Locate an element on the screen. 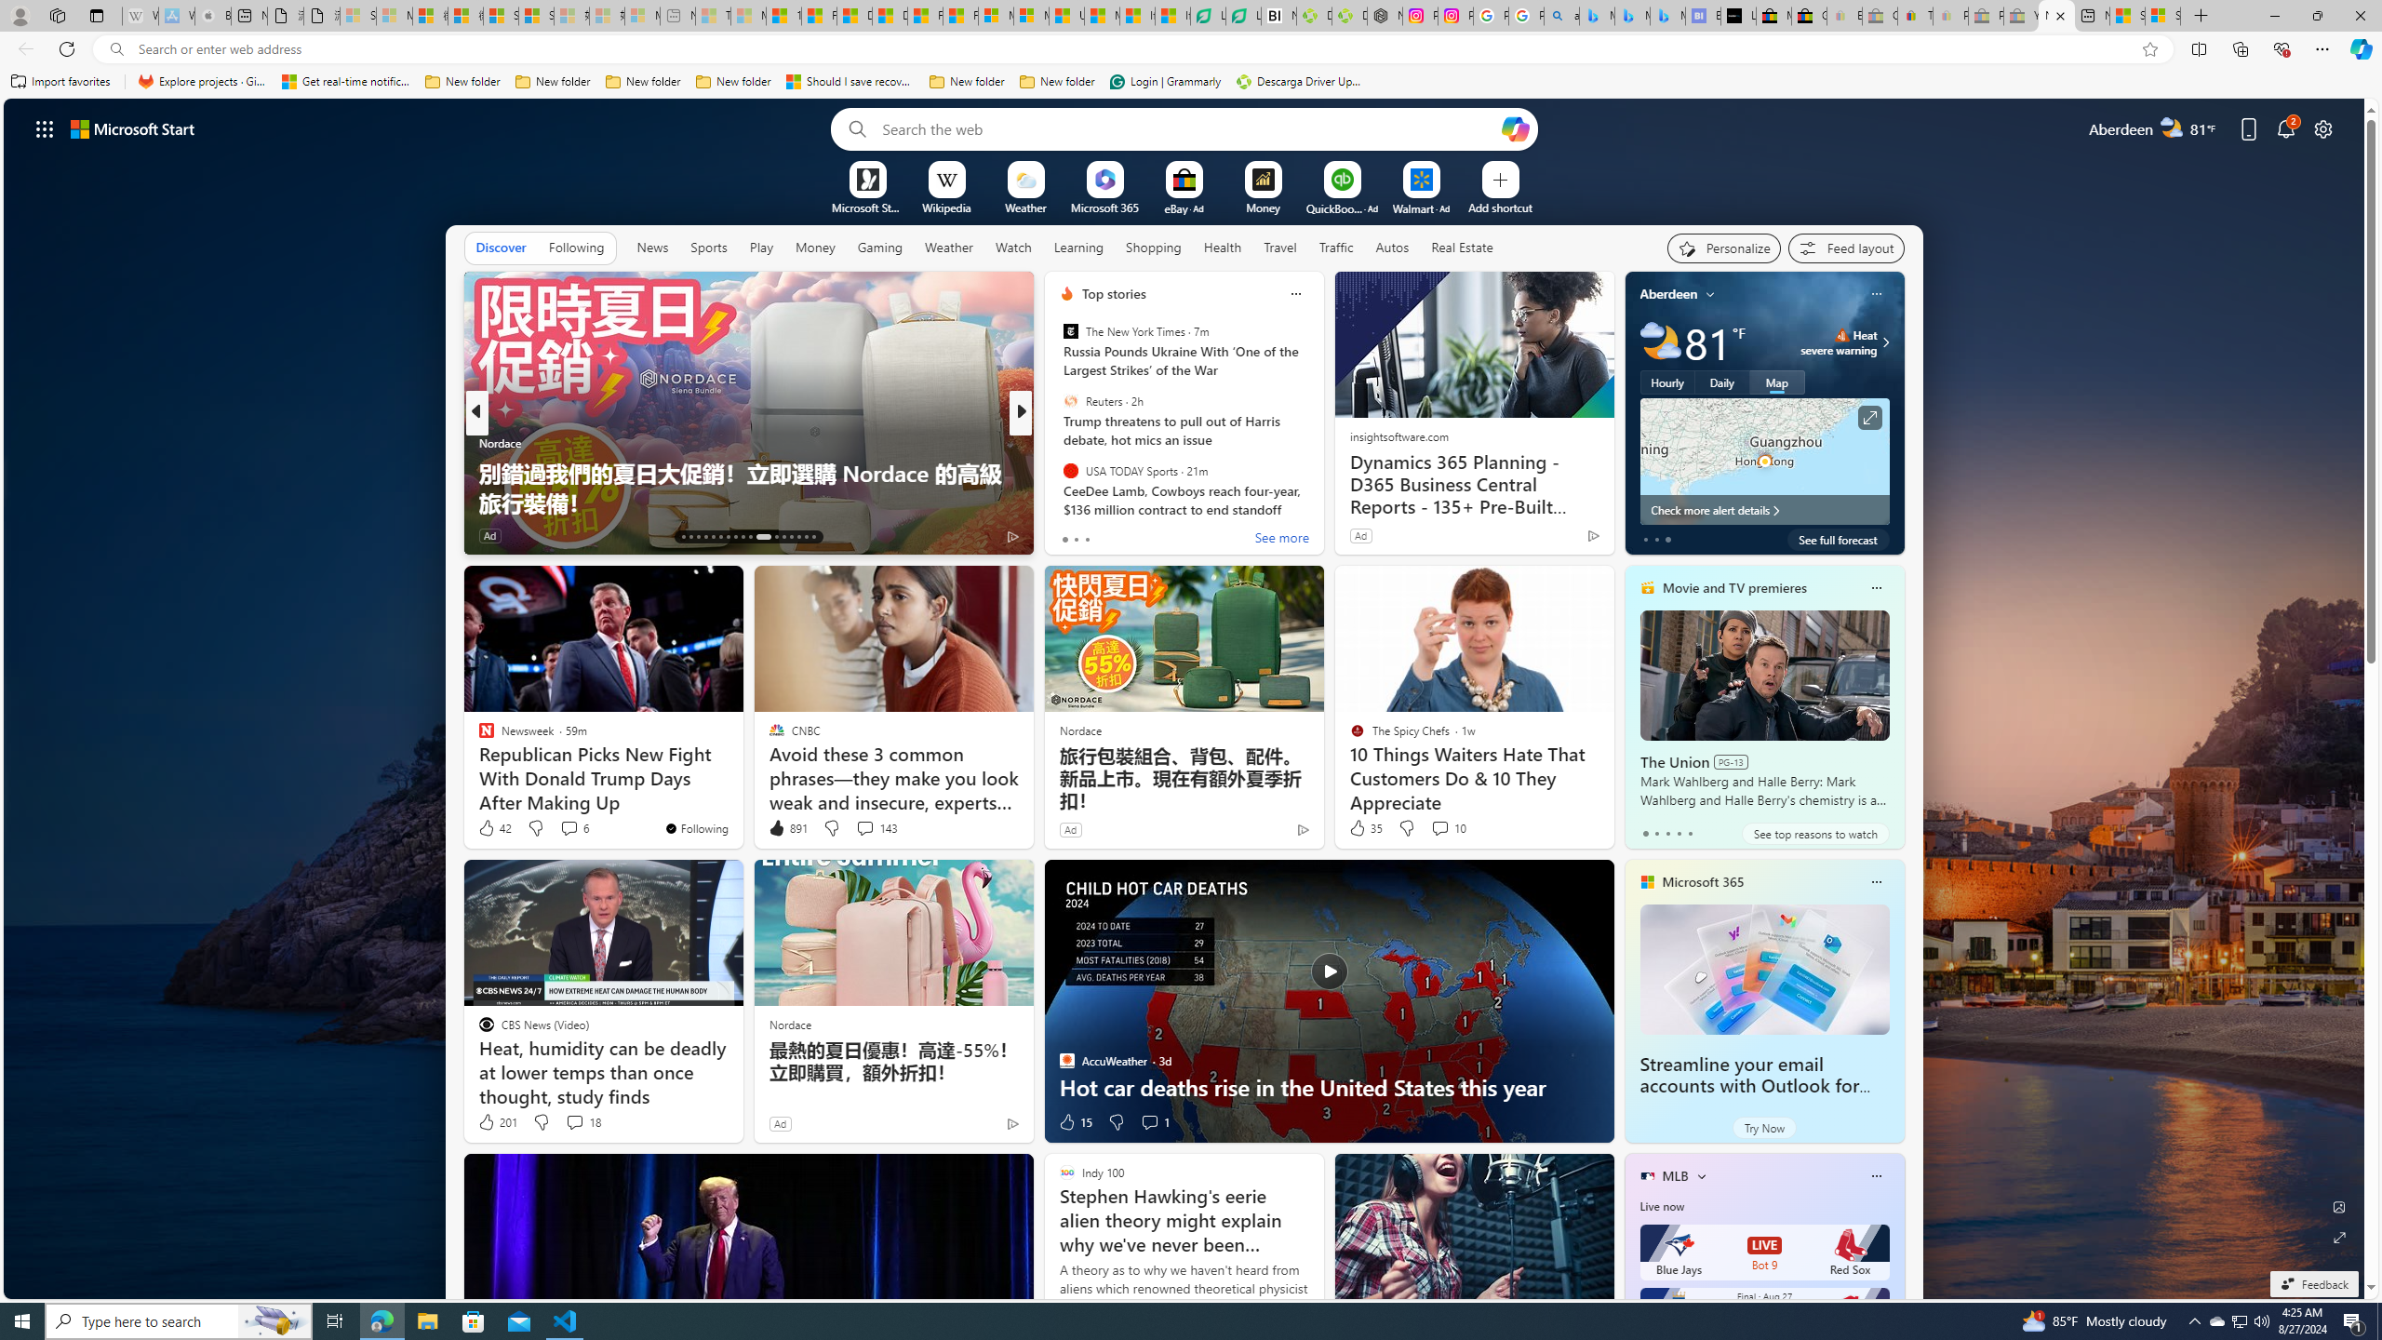 The image size is (2382, 1340). 'The New York Times' is located at coordinates (1069, 331).